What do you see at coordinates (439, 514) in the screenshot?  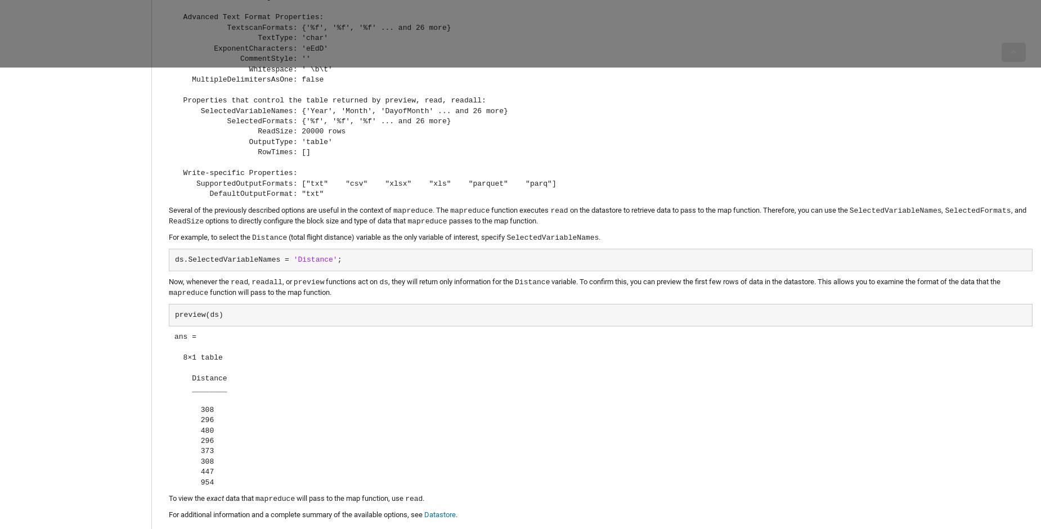 I see `'Datastore'` at bounding box center [439, 514].